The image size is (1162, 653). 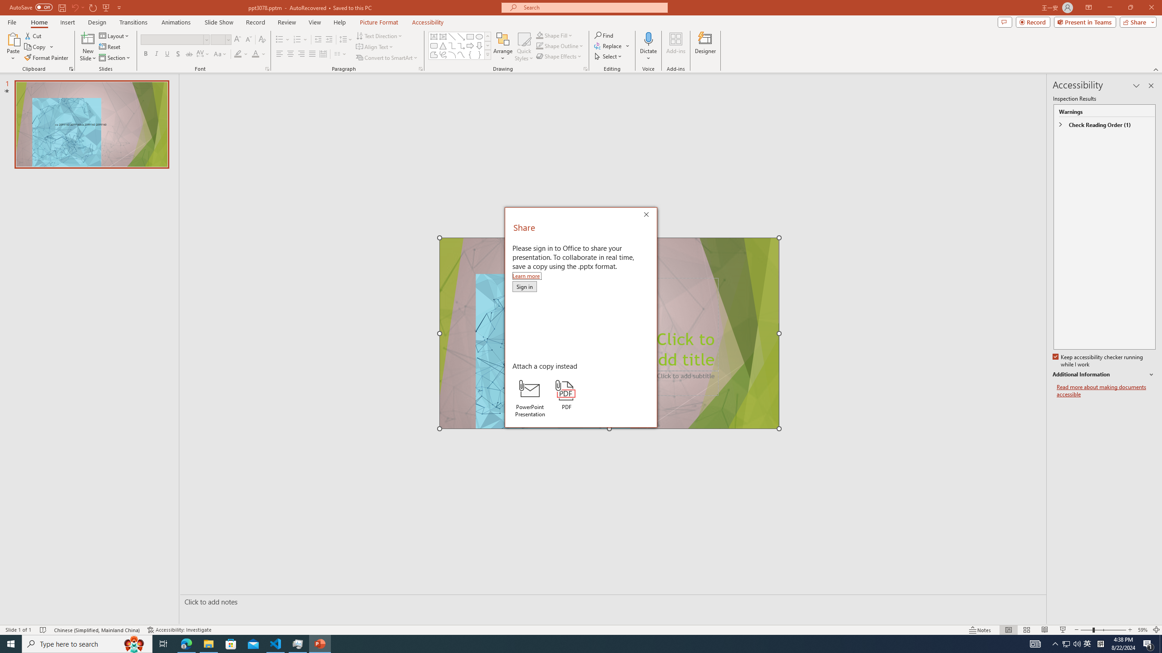 What do you see at coordinates (186, 643) in the screenshot?
I see `'Microsoft Edge - 1 running window'` at bounding box center [186, 643].